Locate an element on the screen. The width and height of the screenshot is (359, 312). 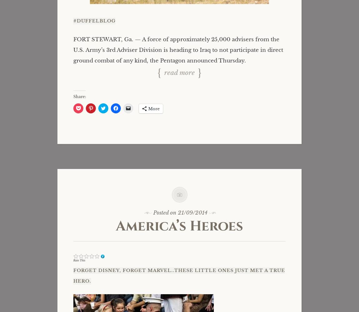
'Forget Disney, Forget Marvel..these little ones just met a true hero.' is located at coordinates (179, 275).